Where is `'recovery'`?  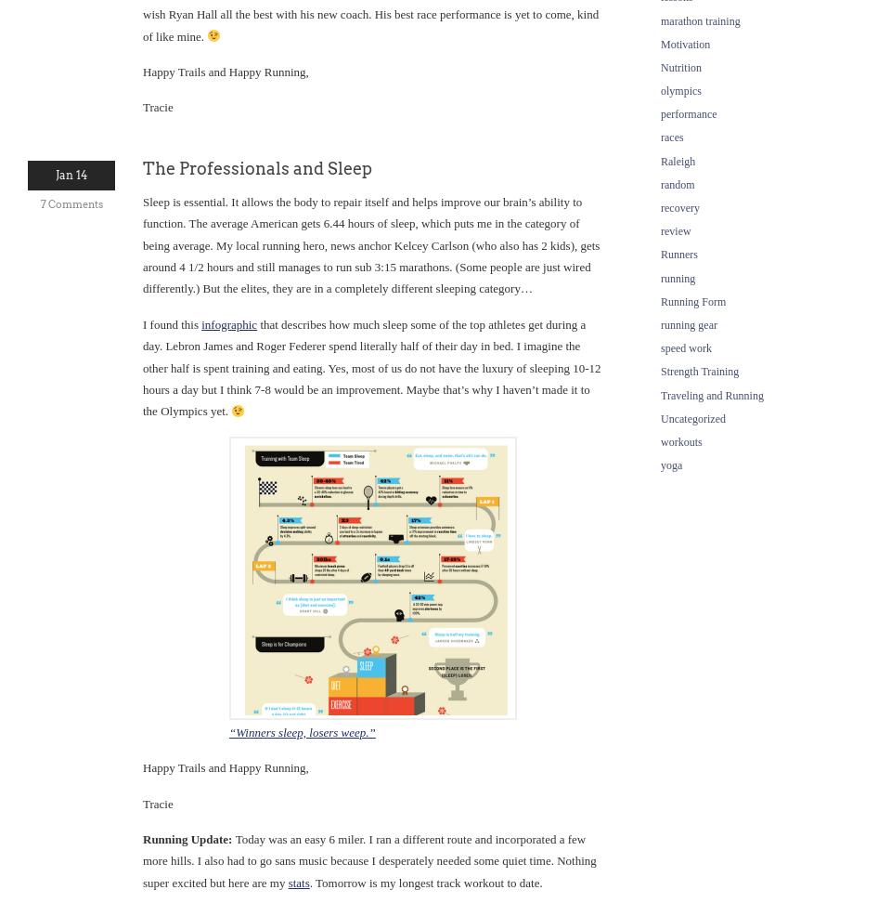
'recovery' is located at coordinates (678, 207).